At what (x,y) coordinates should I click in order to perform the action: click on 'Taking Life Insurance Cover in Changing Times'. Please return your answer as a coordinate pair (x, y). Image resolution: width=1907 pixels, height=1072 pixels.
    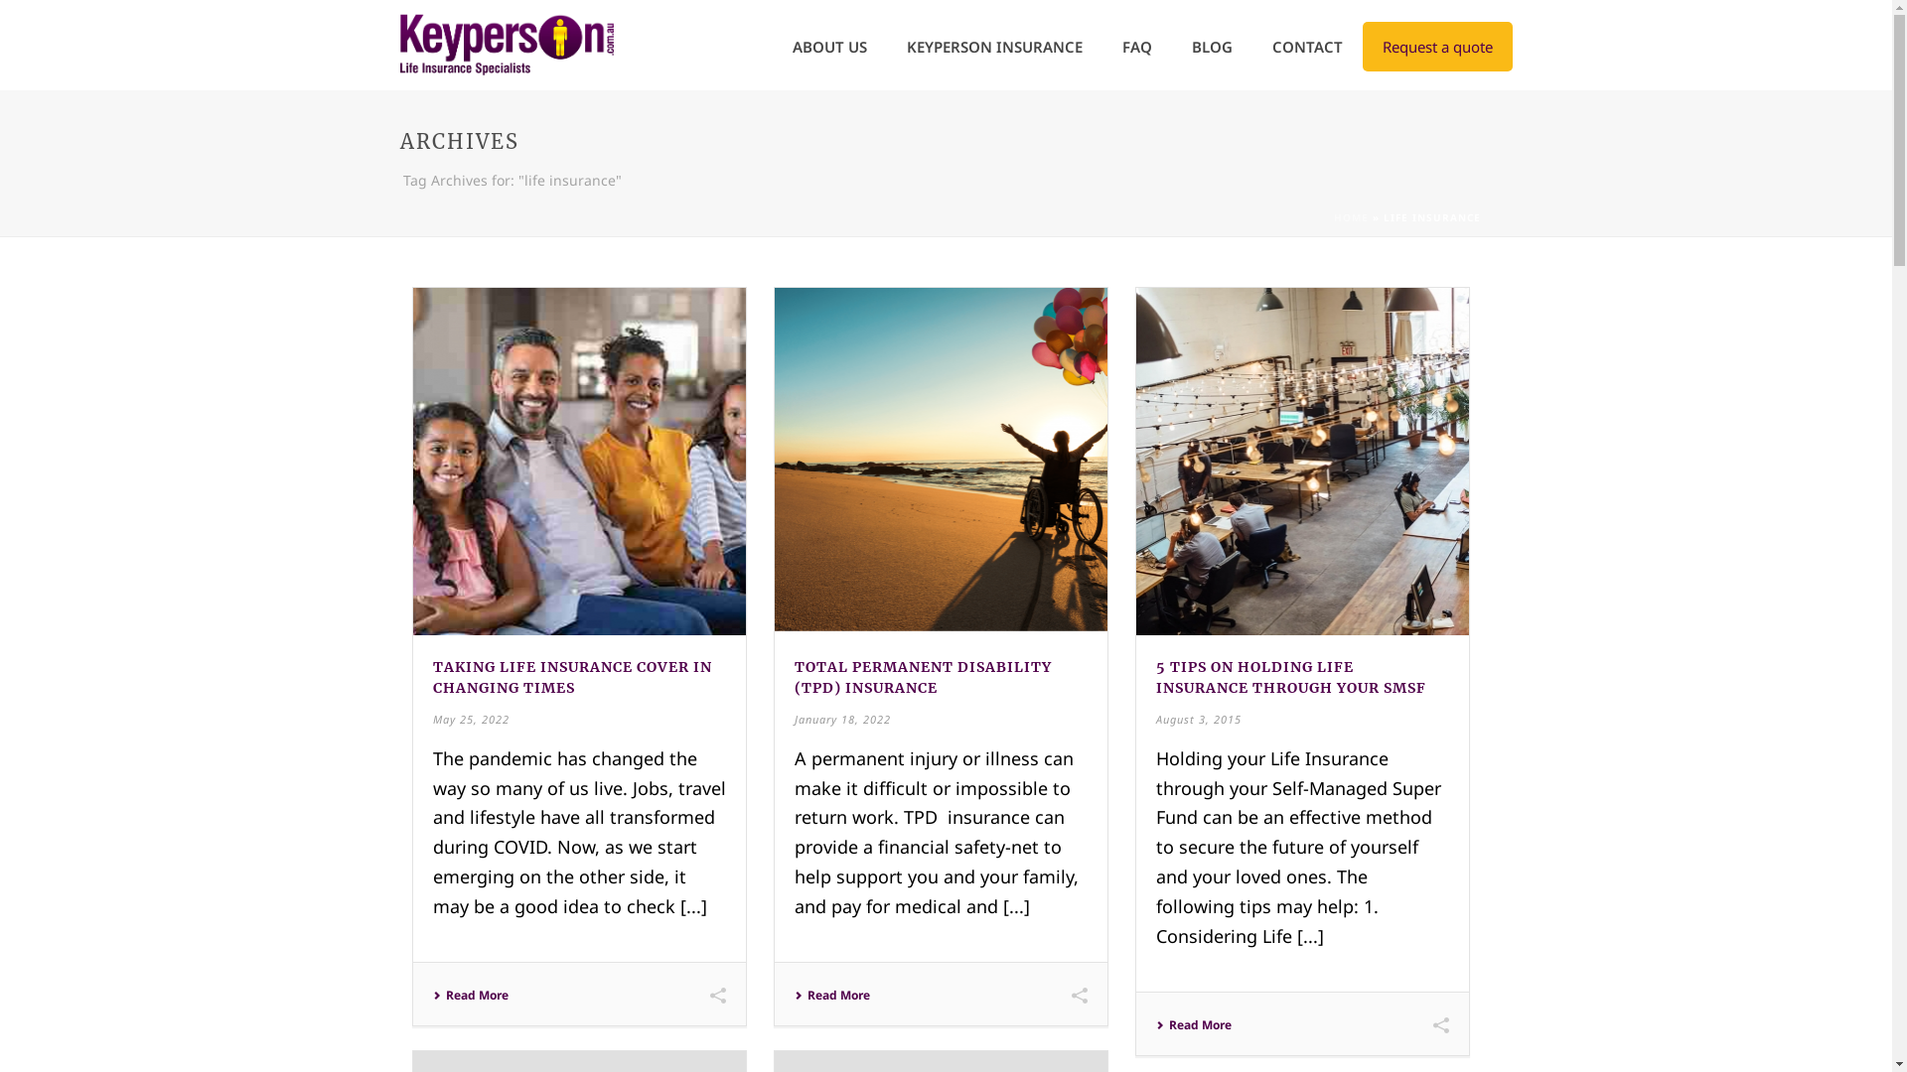
    Looking at the image, I should click on (579, 462).